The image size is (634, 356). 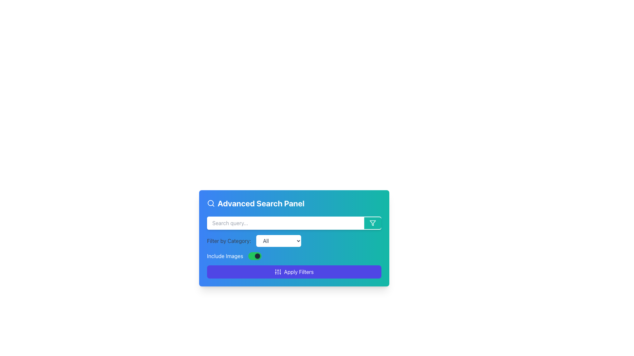 I want to click on the triangular funnel icon representing filter functionality located in the top right corner of the 'Advanced Search Panel' search input box, so click(x=372, y=223).